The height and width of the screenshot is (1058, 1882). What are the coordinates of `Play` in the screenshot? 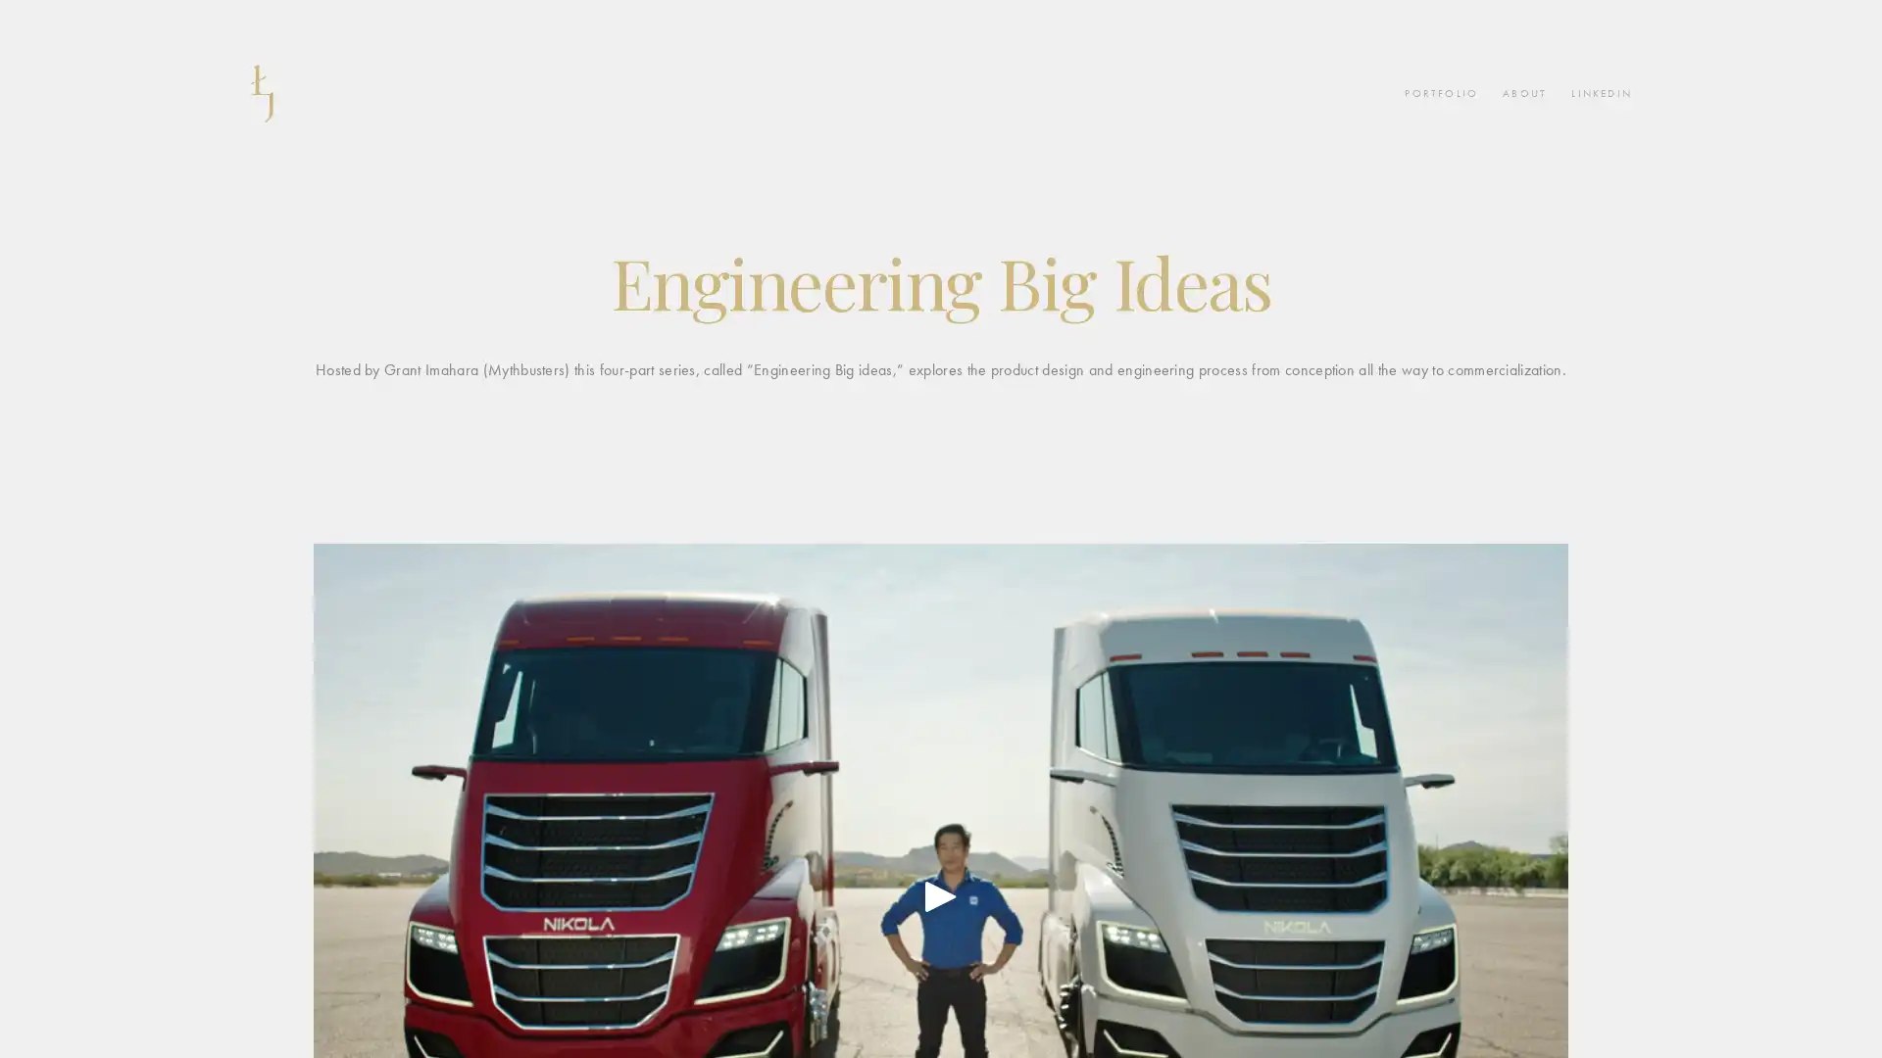 It's located at (941, 895).